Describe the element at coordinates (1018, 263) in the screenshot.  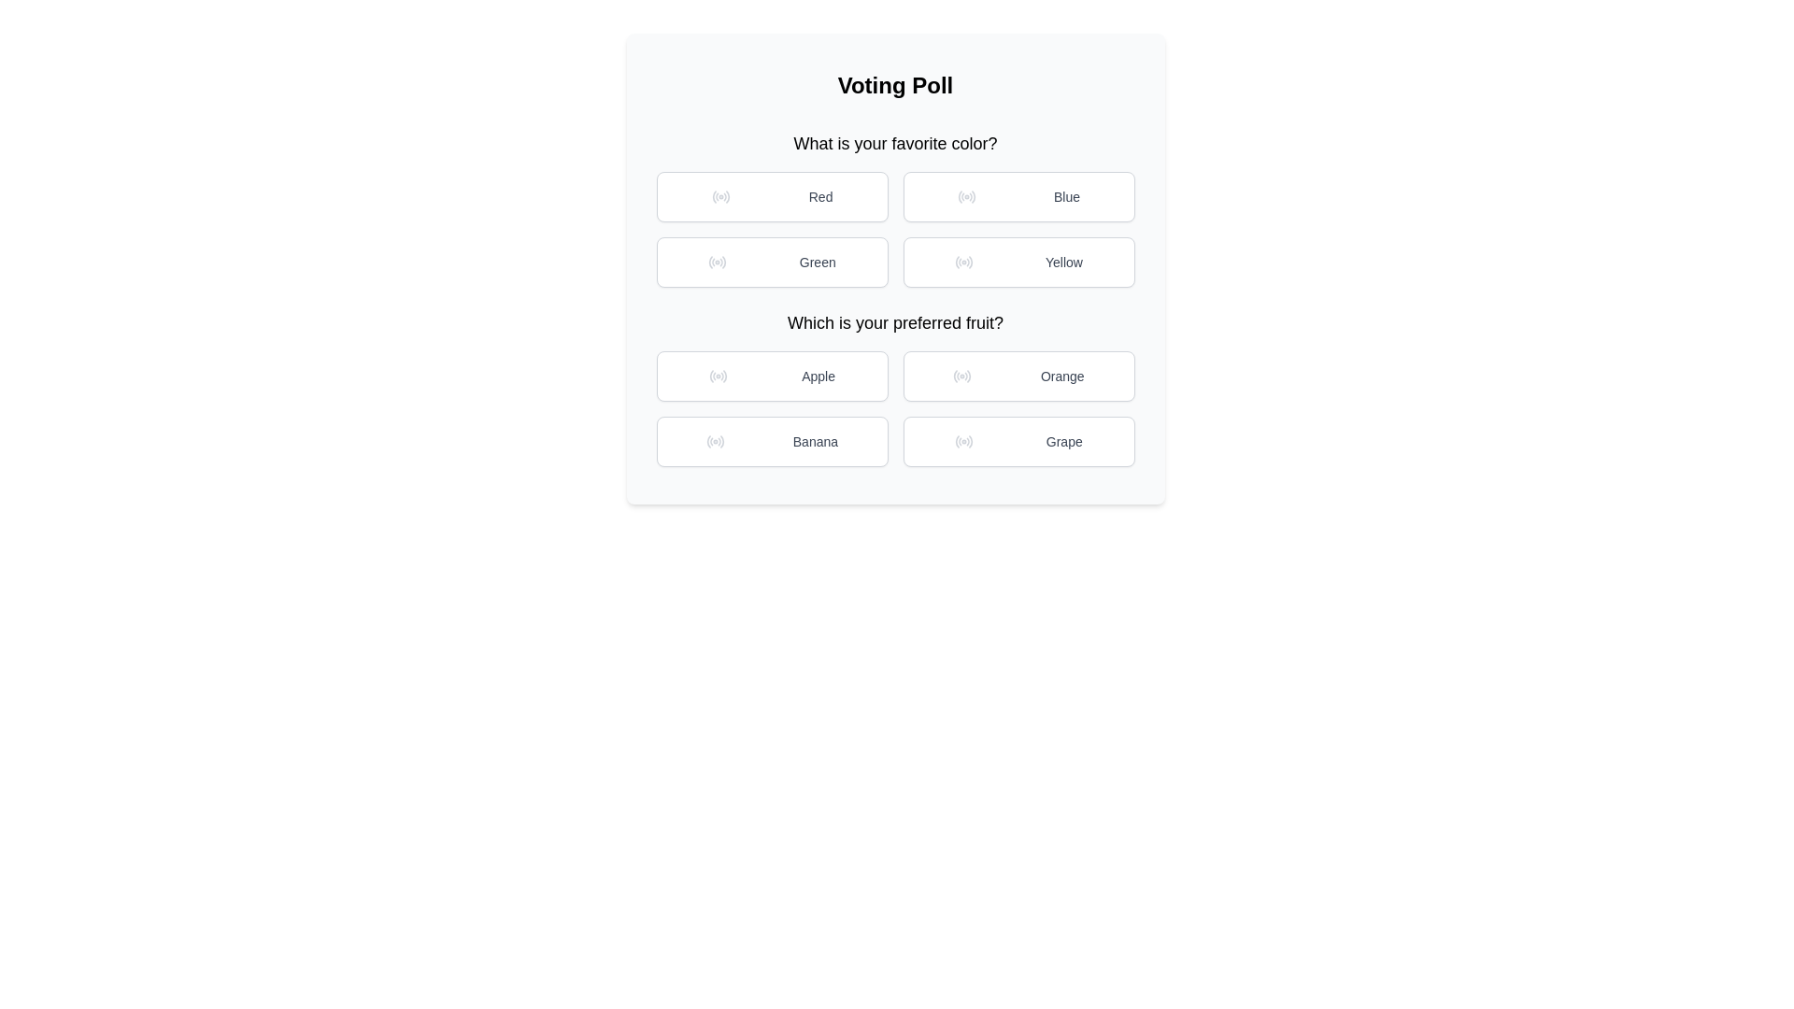
I see `the 'Yellow' selectable button with radiobutton functionality` at that location.